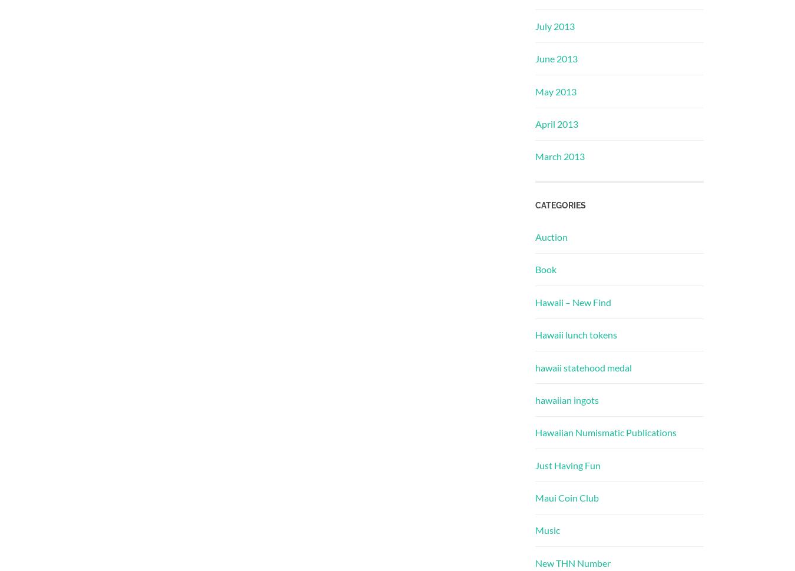  Describe the element at coordinates (566, 497) in the screenshot. I see `'Maui Coin Club'` at that location.